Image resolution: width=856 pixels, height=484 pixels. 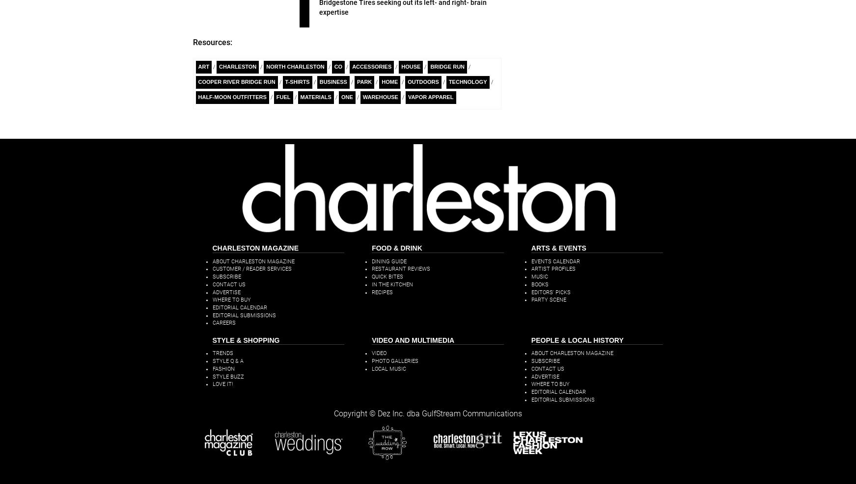 I want to click on 'House', so click(x=410, y=67).